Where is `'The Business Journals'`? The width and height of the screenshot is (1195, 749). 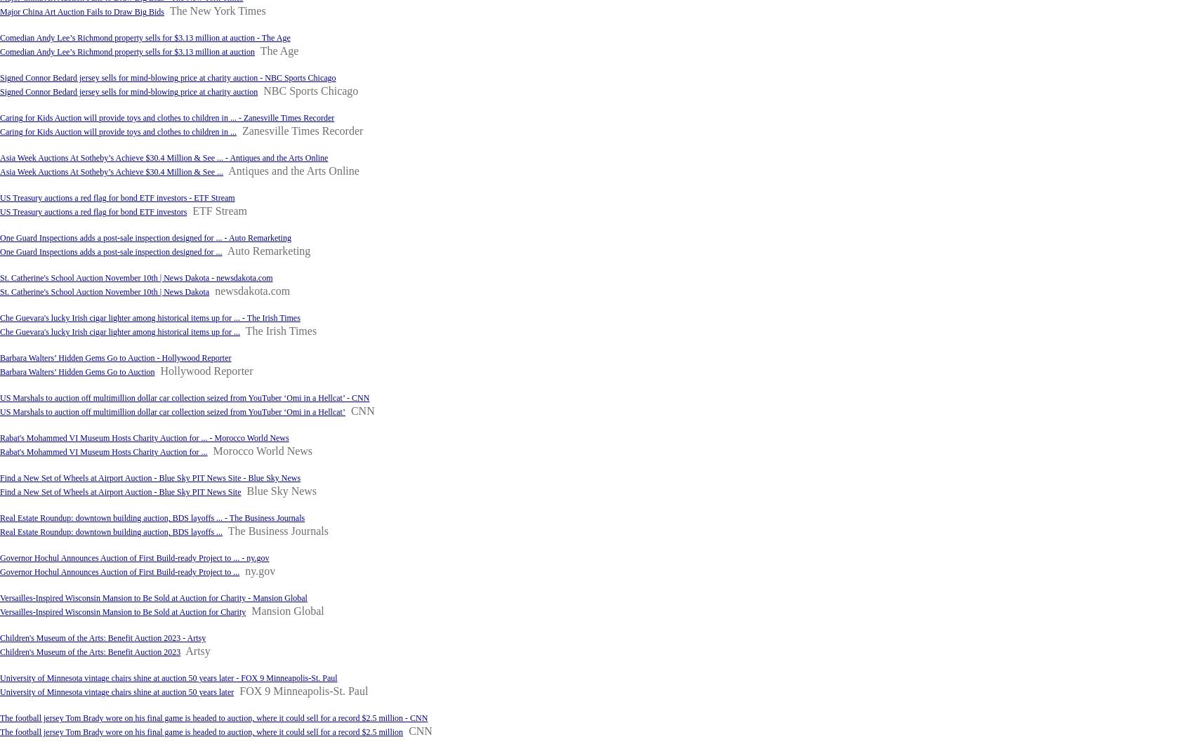
'The Business Journals' is located at coordinates (277, 530).